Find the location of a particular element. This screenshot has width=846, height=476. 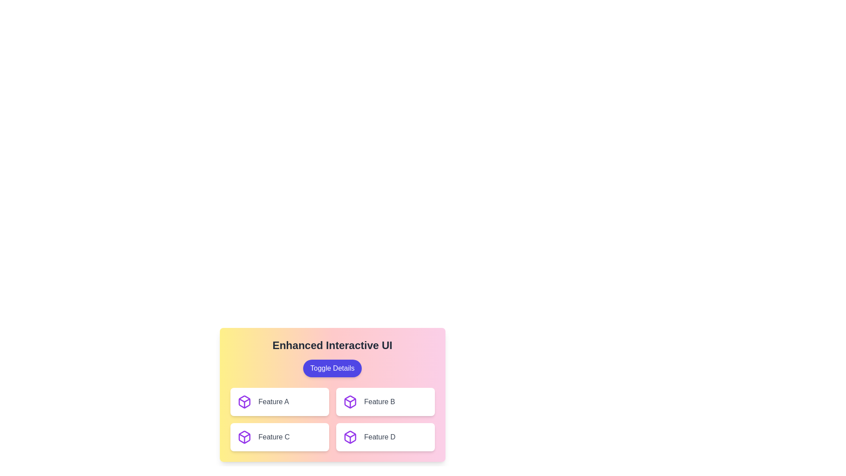

Interactive card labeled 'Feature C' located in the bottom-left quadrant of the grid under 'Enhanced Interactive UI' is located at coordinates (279, 437).